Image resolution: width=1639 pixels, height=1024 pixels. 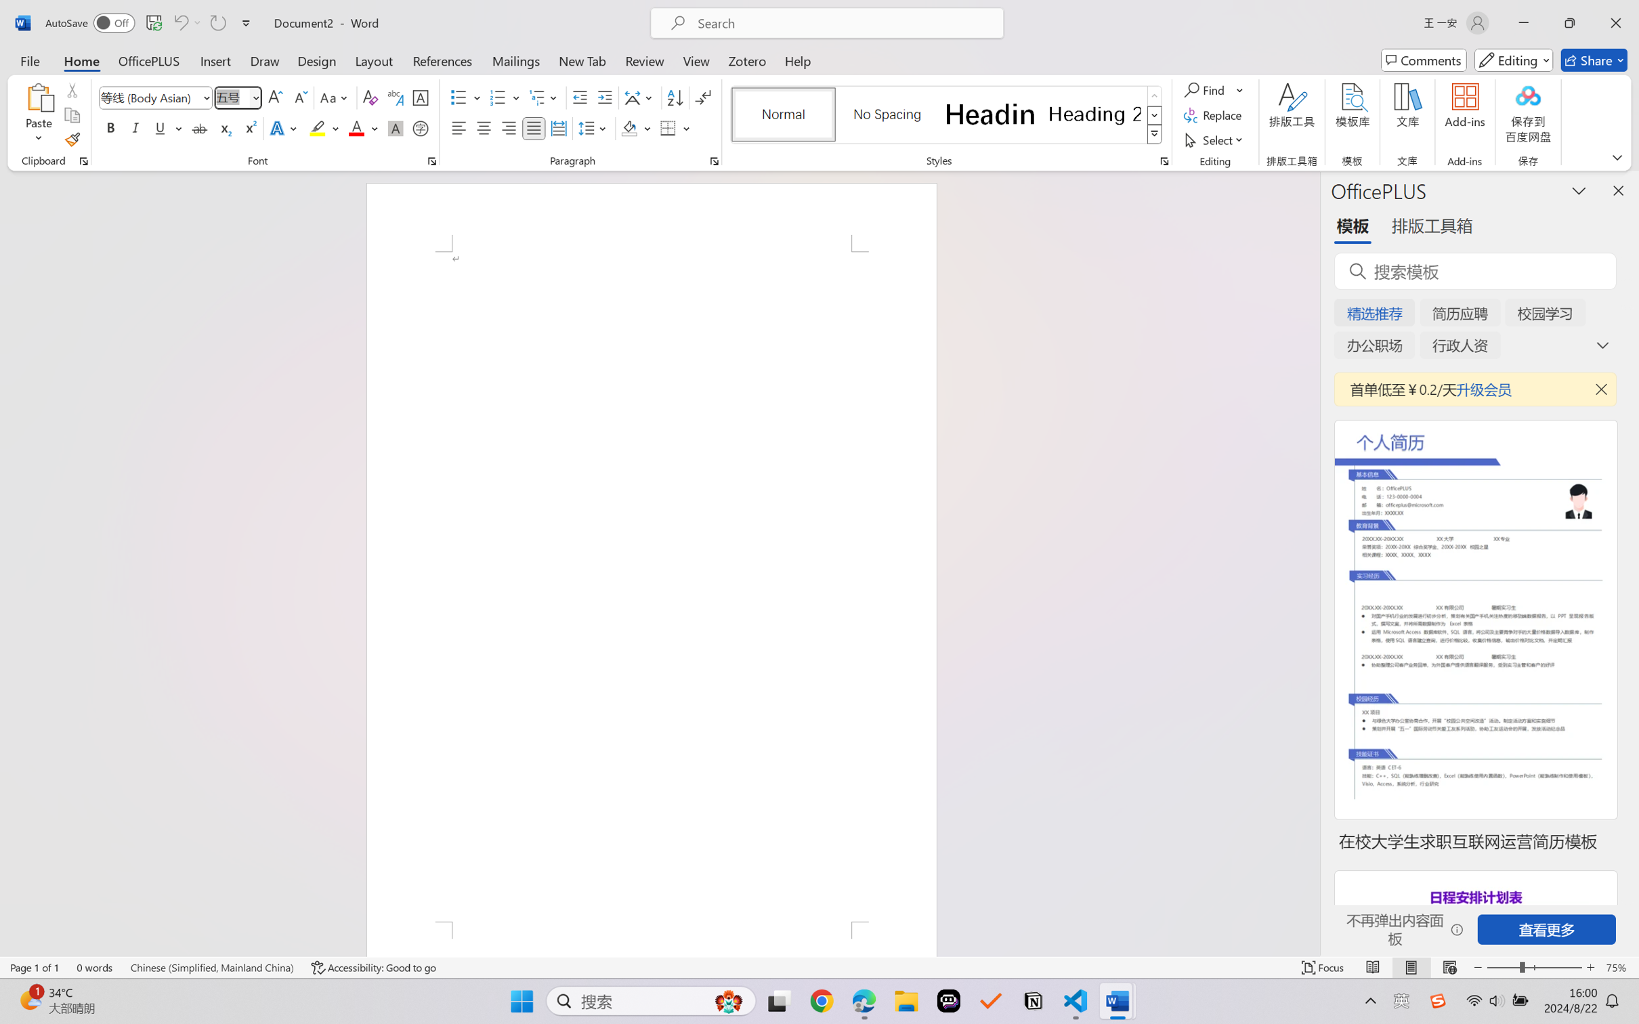 What do you see at coordinates (374, 967) in the screenshot?
I see `'Accessibility Checker Accessibility: Good to go'` at bounding box center [374, 967].